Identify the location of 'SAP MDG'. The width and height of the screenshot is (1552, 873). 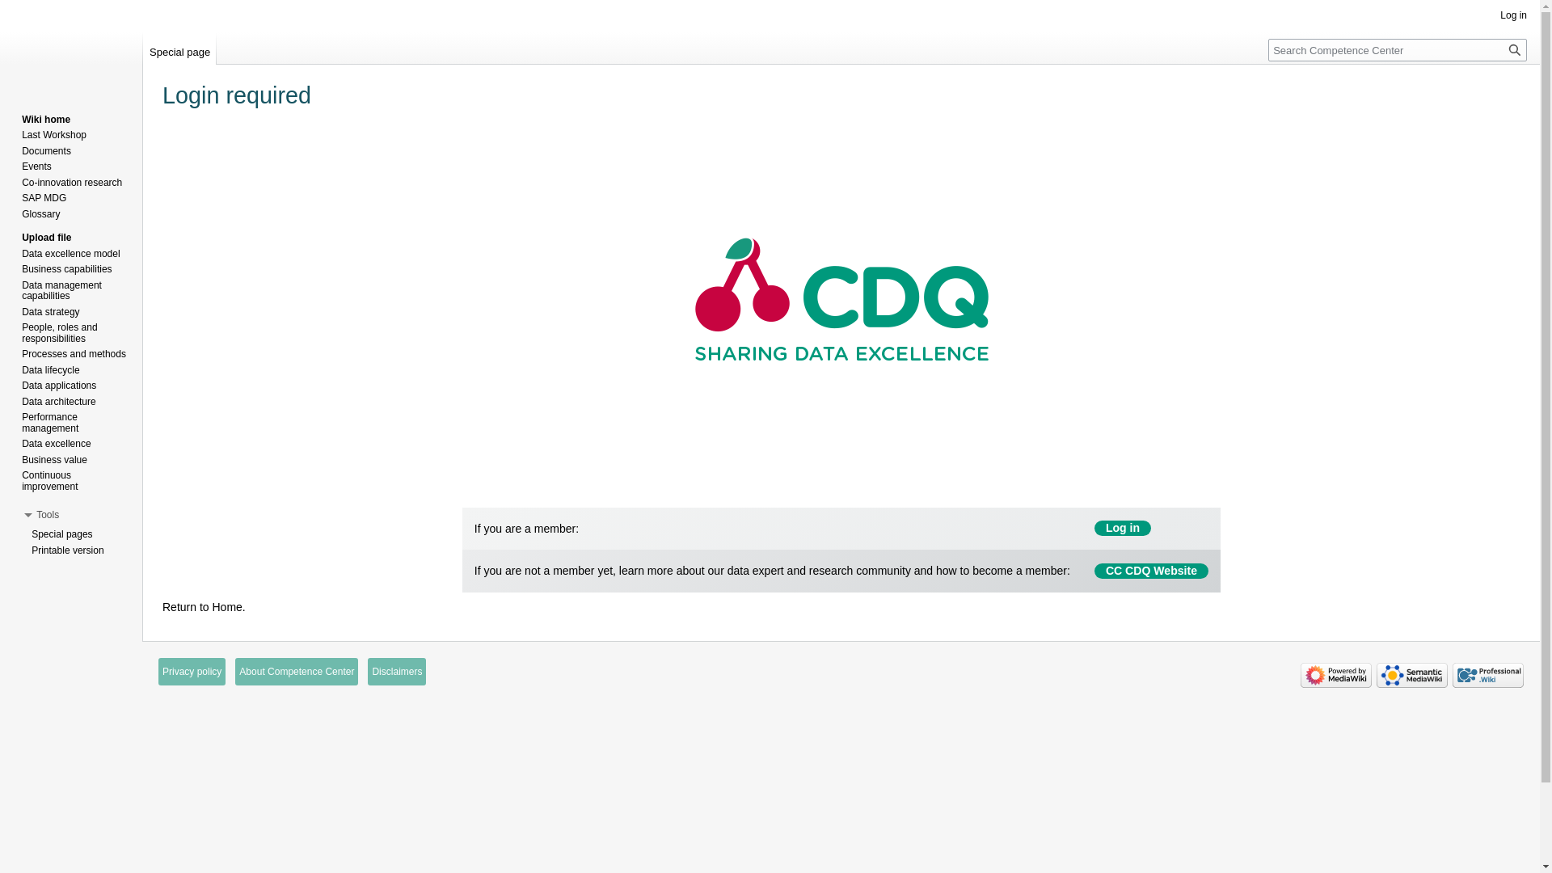
(44, 197).